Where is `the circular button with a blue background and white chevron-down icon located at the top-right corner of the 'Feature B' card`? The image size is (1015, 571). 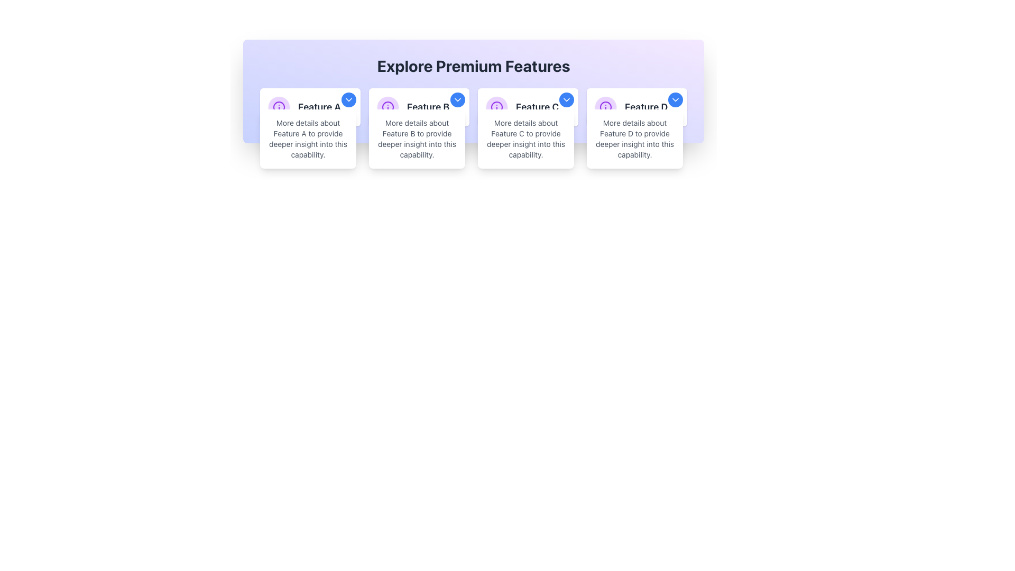
the circular button with a blue background and white chevron-down icon located at the top-right corner of the 'Feature B' card is located at coordinates (457, 100).